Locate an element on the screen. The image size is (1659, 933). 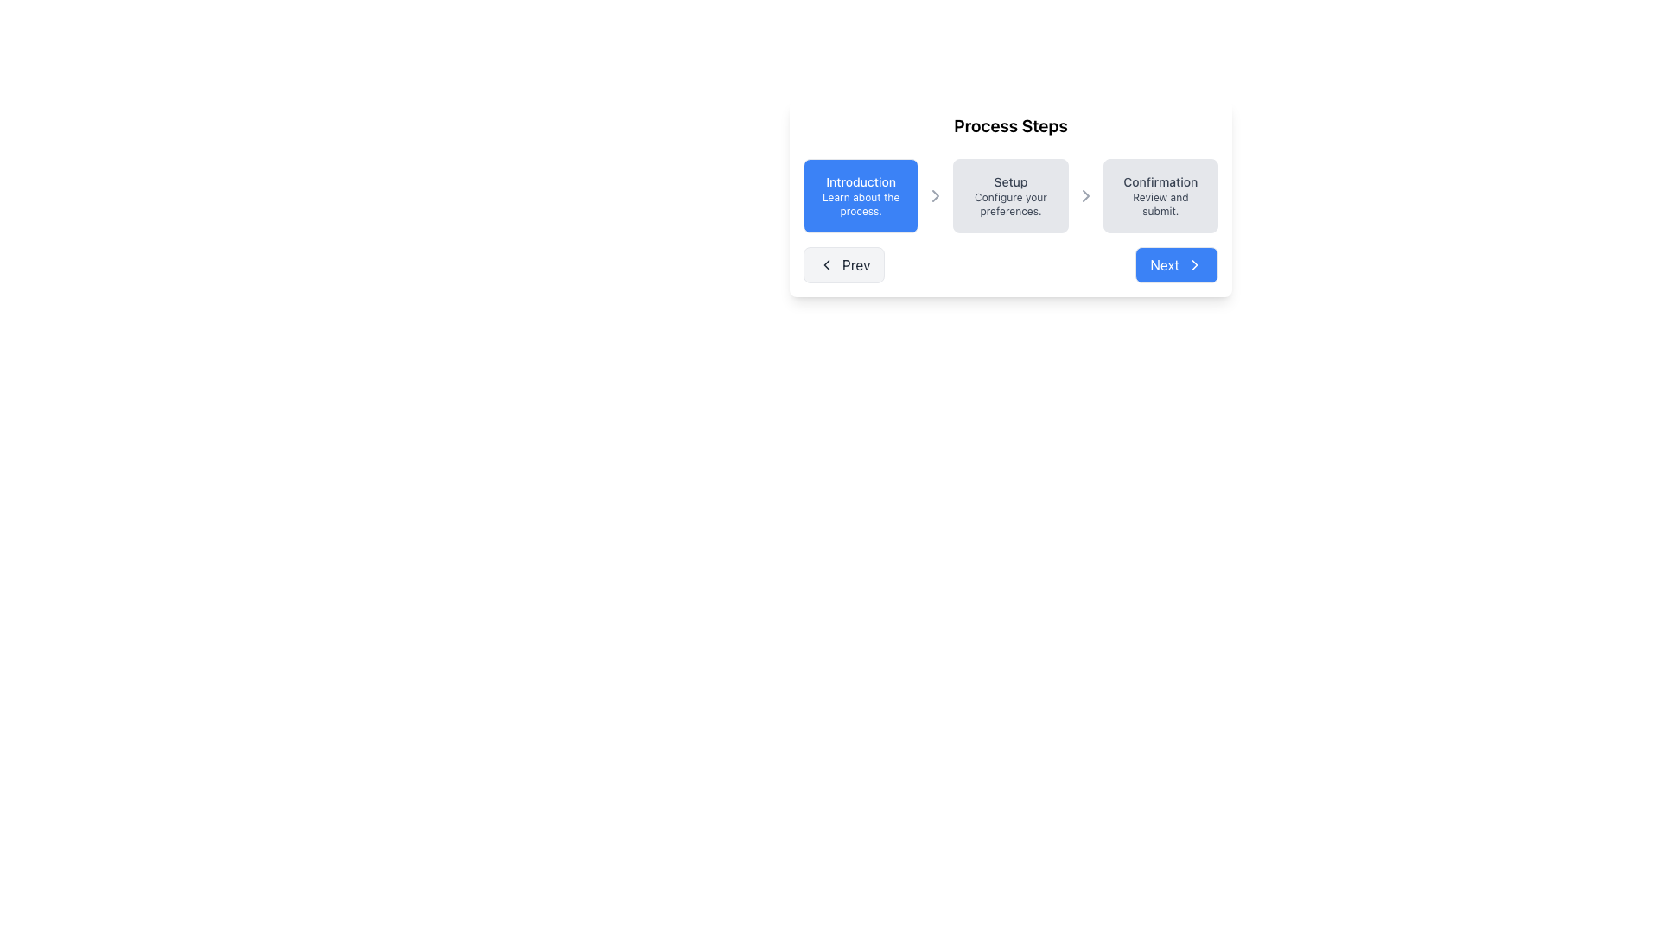
the 'Confirmation' step title in the horizontal process step indicator, which is positioned at the rightmost end and is the first line above 'Review and submit.' is located at coordinates (1160, 182).